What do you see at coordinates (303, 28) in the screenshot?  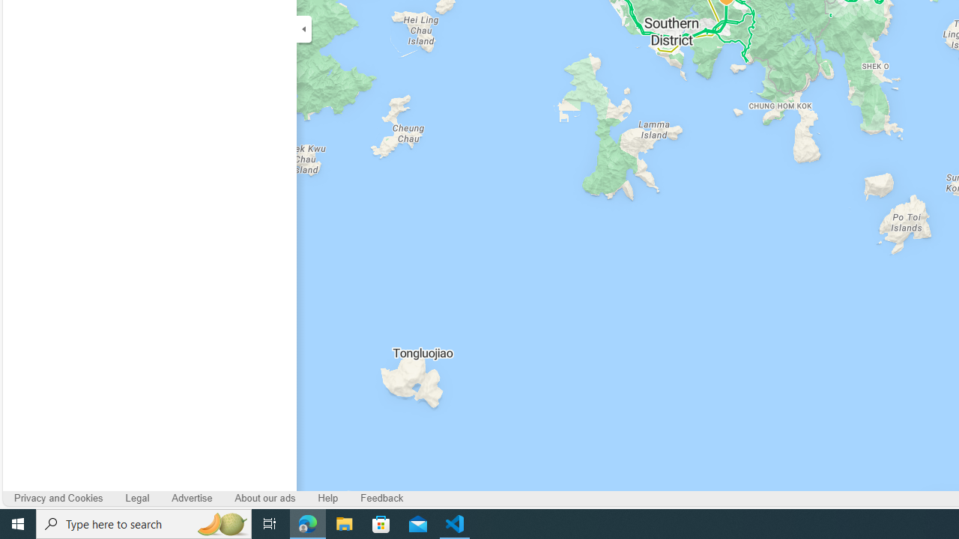 I see `'Expand/Collapse Cards'` at bounding box center [303, 28].